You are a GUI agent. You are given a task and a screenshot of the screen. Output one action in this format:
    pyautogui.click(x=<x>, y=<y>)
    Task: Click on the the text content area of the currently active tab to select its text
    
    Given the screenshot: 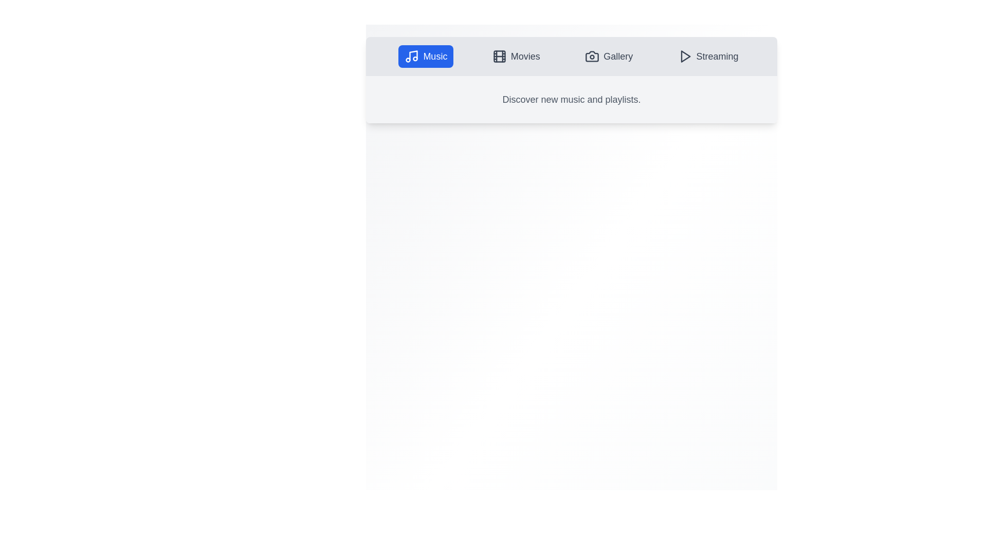 What is the action you would take?
    pyautogui.click(x=571, y=99)
    